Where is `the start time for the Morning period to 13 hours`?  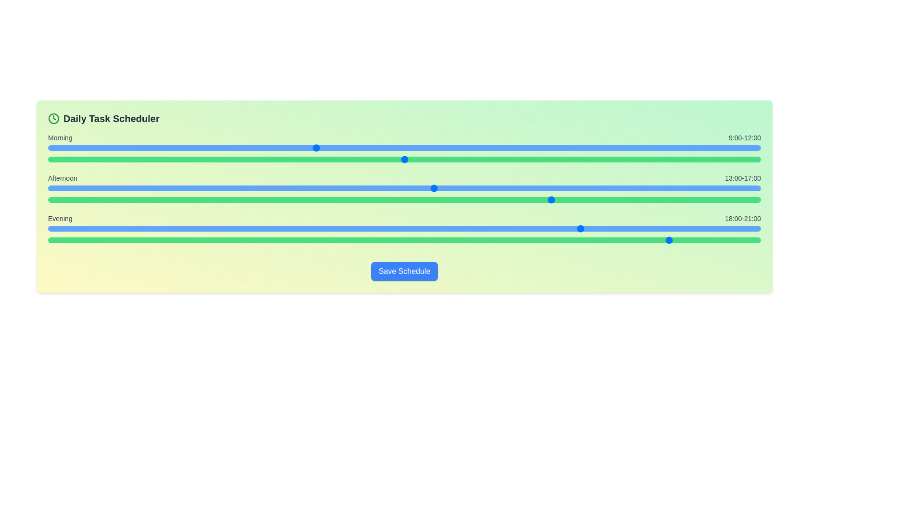 the start time for the Morning period to 13 hours is located at coordinates (434, 148).